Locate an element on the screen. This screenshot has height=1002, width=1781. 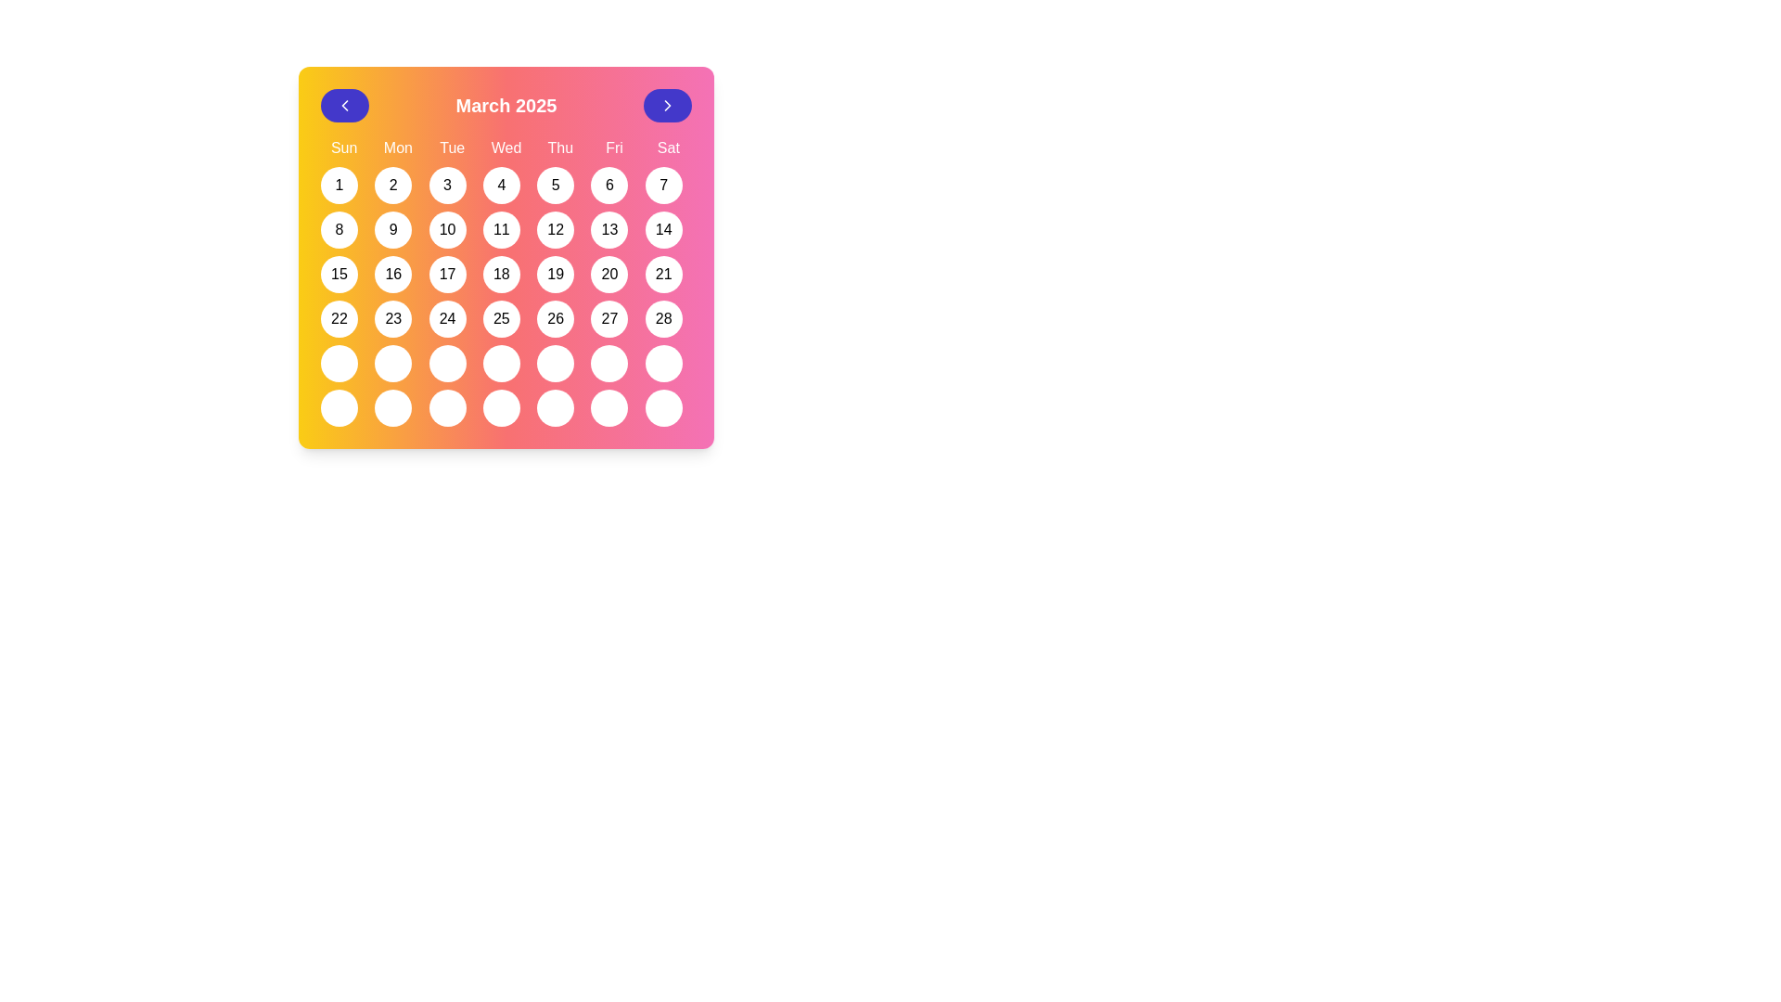
the rounded white circular button labeled '6' in the calendar grid is located at coordinates (609, 186).